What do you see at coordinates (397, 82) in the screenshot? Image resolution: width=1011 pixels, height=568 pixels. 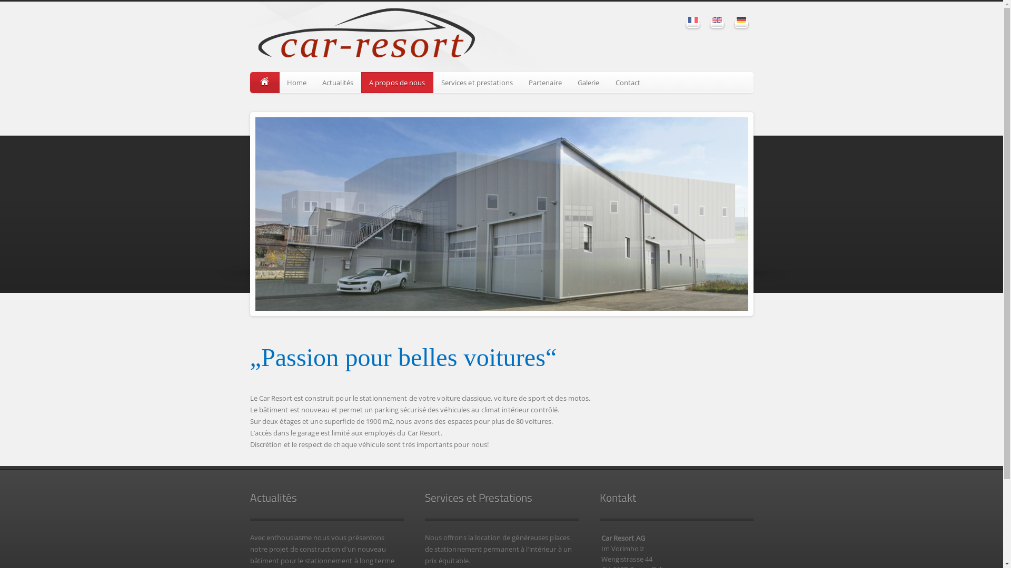 I see `'A propos de nous'` at bounding box center [397, 82].